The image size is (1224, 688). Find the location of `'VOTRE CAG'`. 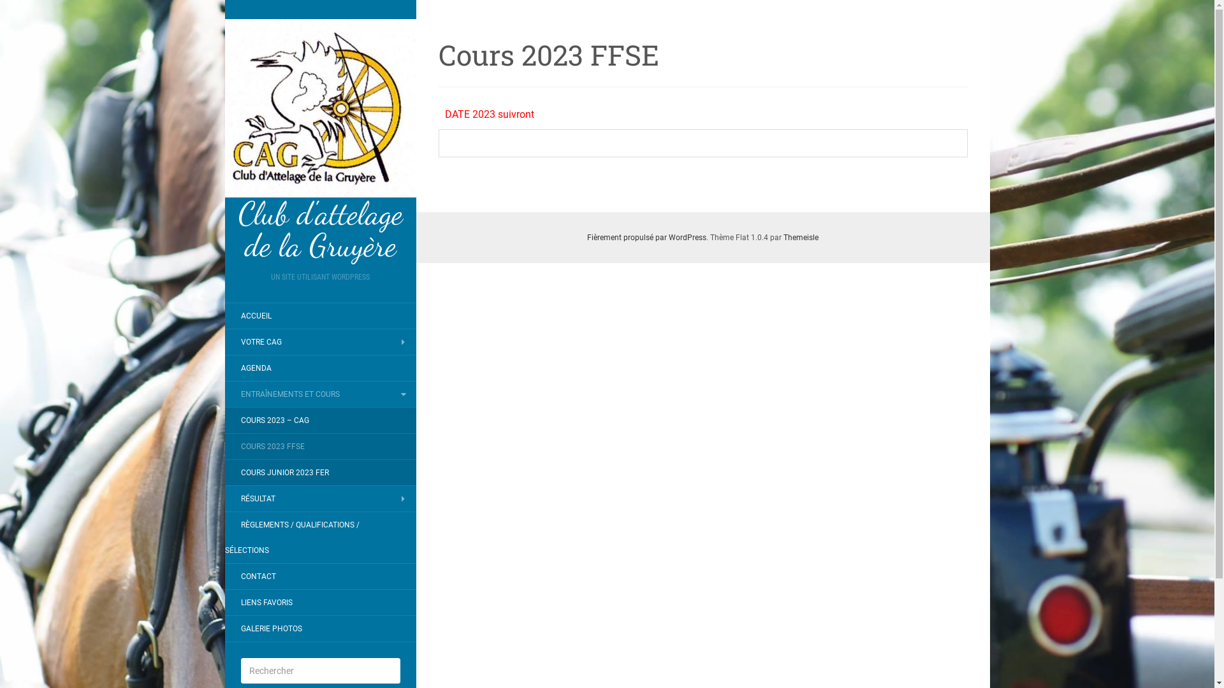

'VOTRE CAG' is located at coordinates (224, 341).